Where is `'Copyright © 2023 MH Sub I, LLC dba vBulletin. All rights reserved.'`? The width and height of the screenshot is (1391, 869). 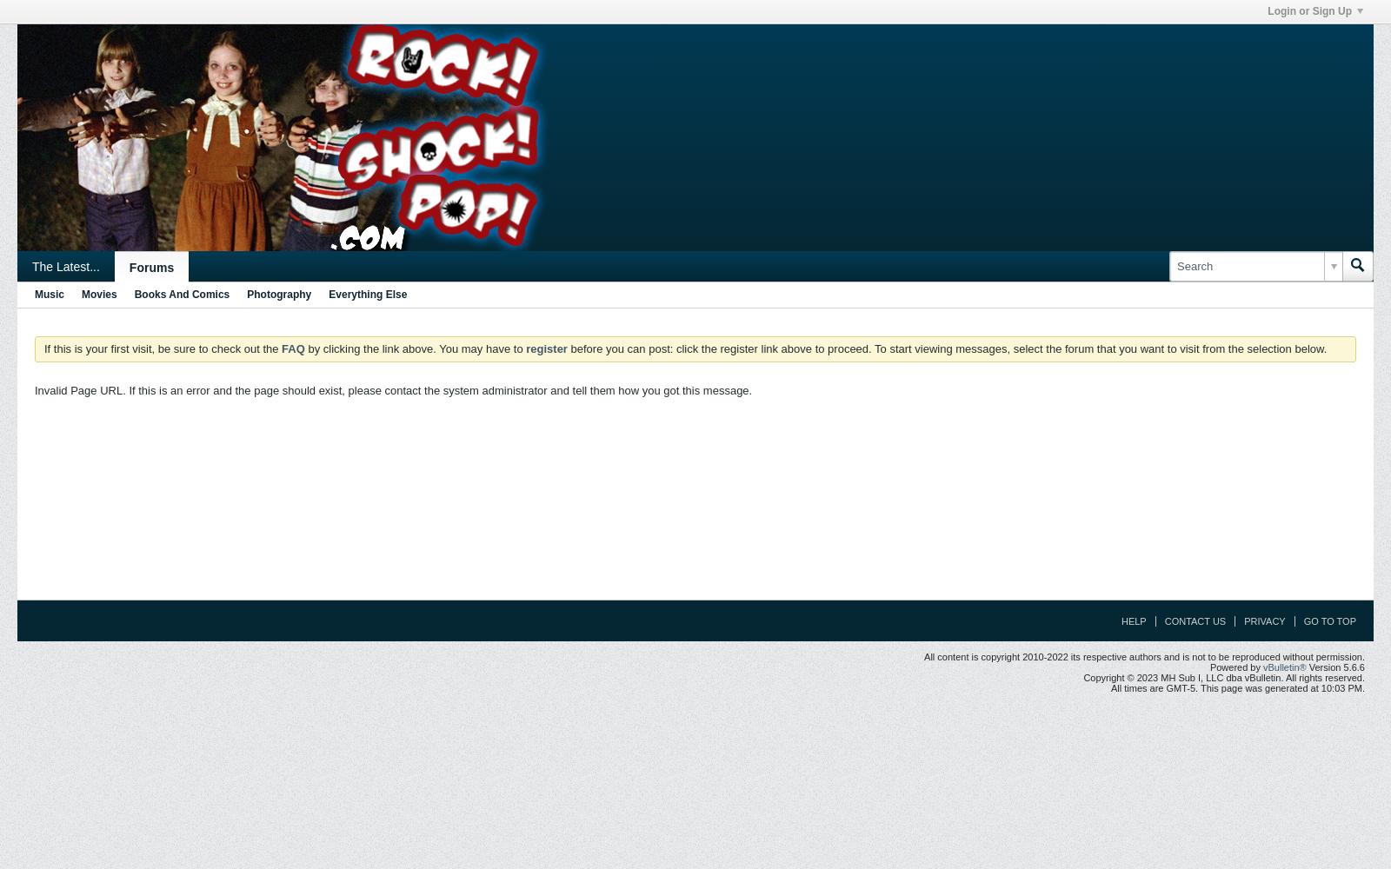 'Copyright © 2023 MH Sub I, LLC dba vBulletin. All rights reserved.' is located at coordinates (1224, 678).